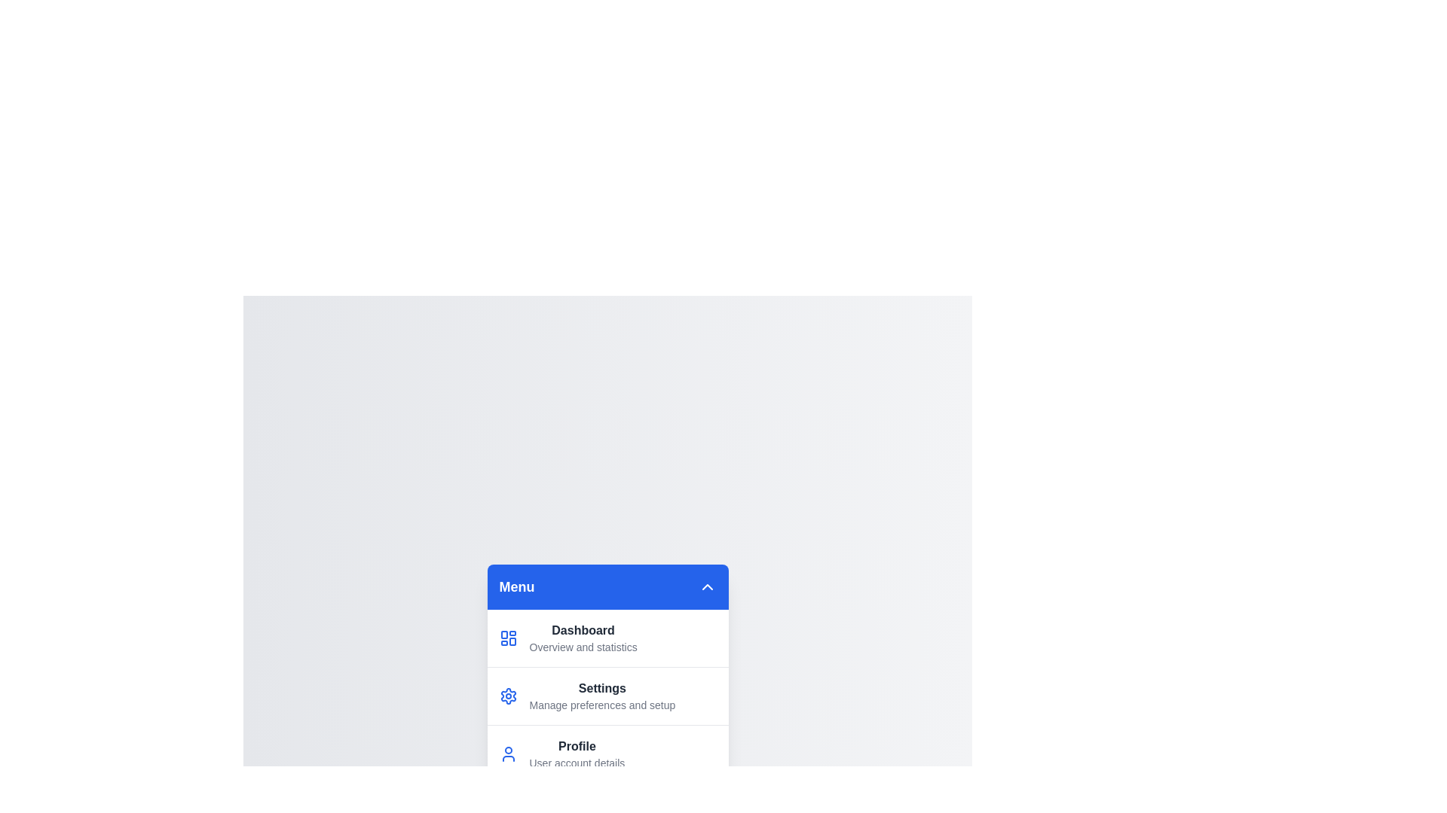  Describe the element at coordinates (607, 696) in the screenshot. I see `the menu item corresponding to Settings` at that location.